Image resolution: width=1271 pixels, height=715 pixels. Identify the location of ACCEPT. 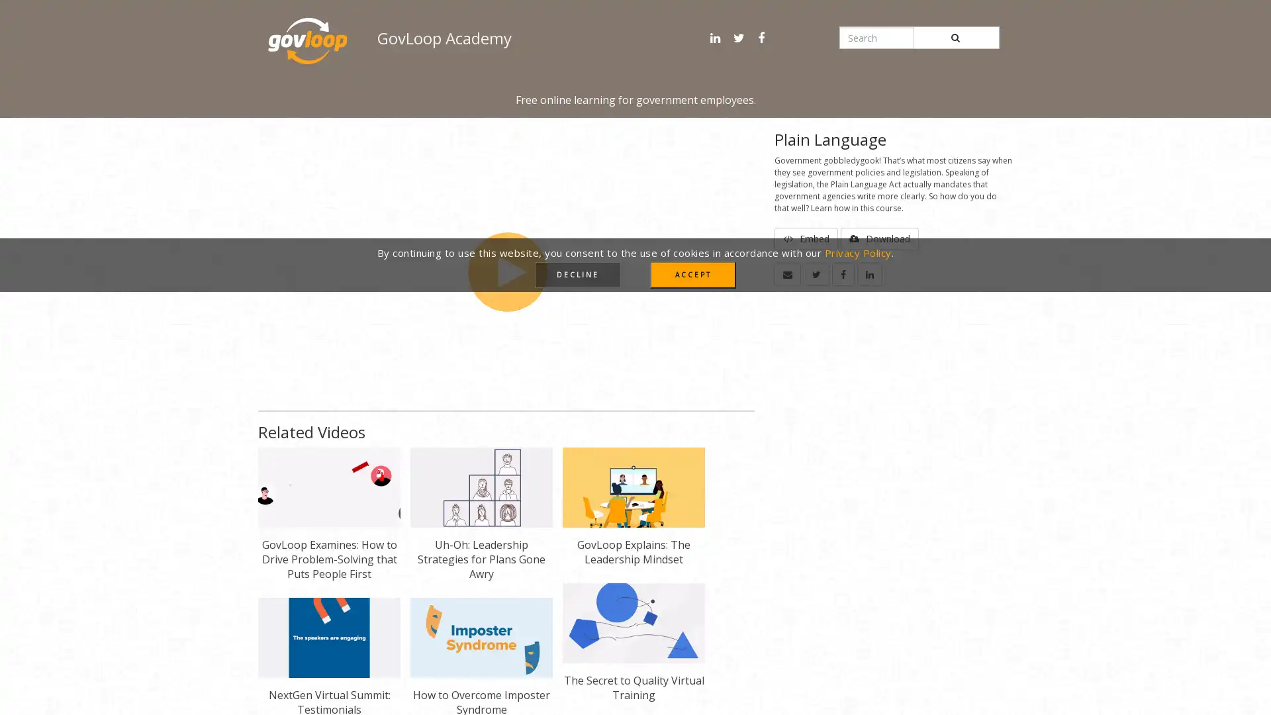
(692, 274).